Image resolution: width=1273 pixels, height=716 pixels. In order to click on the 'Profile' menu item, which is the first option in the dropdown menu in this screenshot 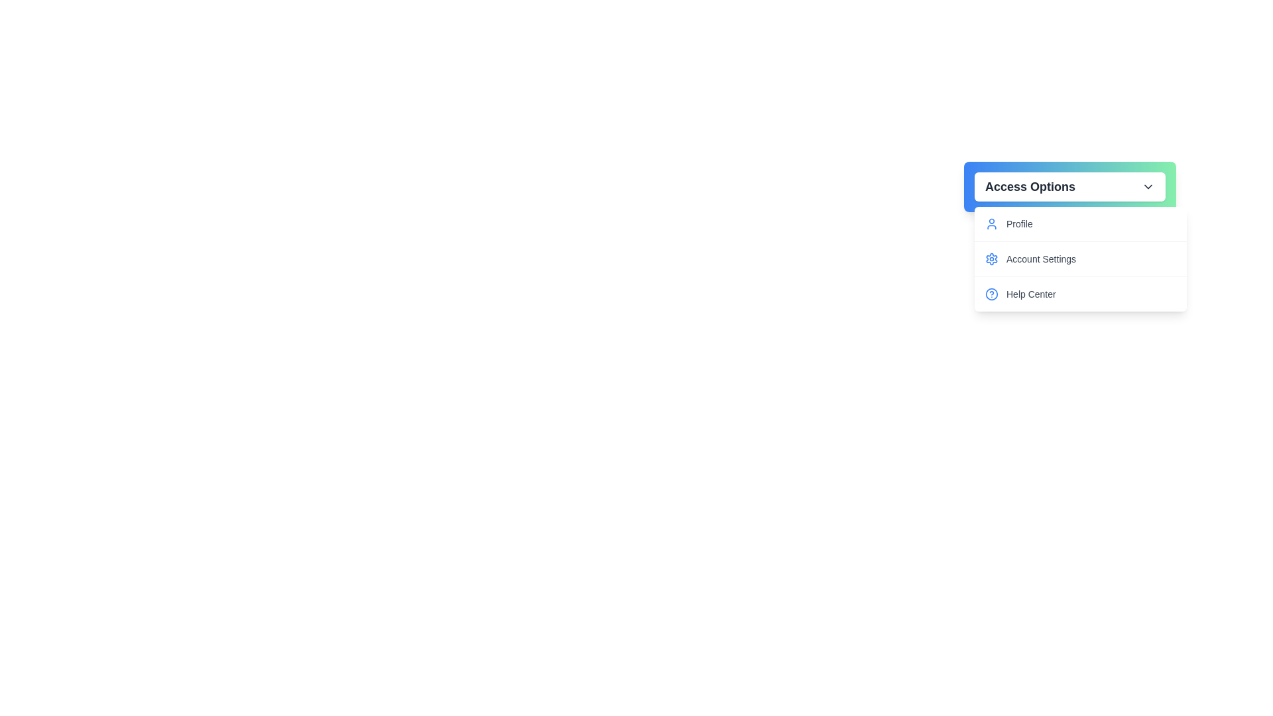, I will do `click(1081, 223)`.